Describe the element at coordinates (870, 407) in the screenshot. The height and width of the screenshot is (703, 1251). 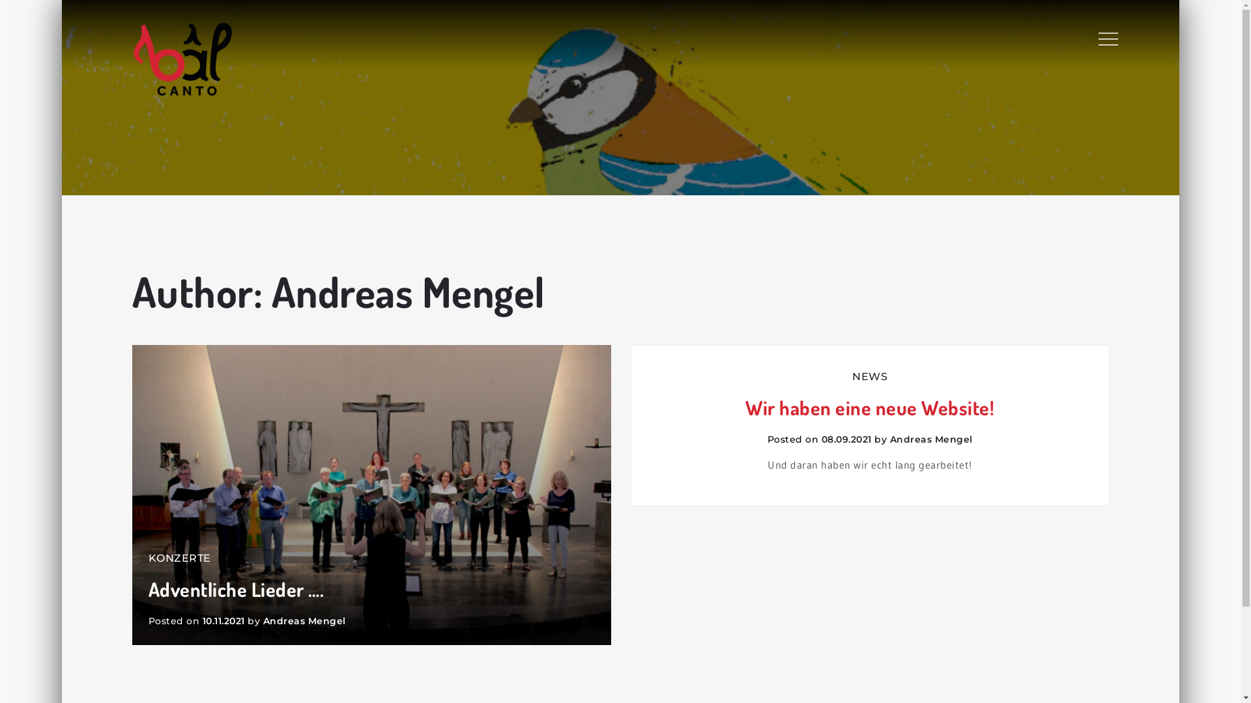
I see `'Wir haben eine neue Website!'` at that location.